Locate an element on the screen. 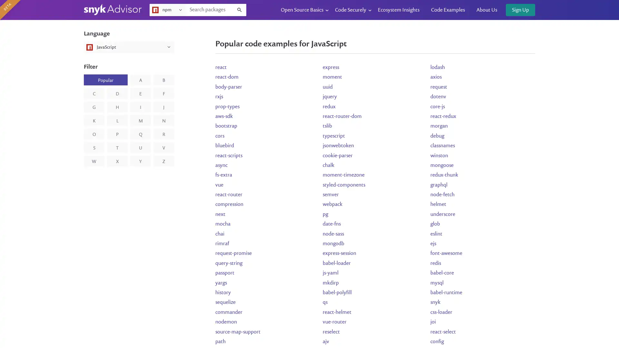 This screenshot has height=348, width=619. Sign Up is located at coordinates (520, 10).